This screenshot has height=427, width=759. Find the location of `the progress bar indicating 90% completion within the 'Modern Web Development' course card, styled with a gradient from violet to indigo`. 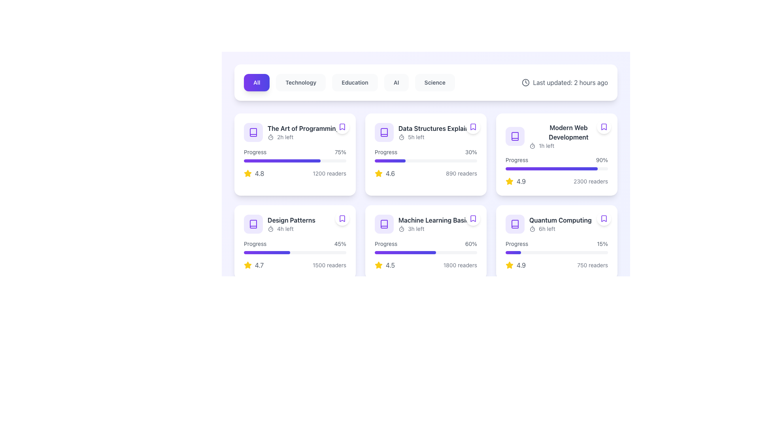

the progress bar indicating 90% completion within the 'Modern Web Development' course card, styled with a gradient from violet to indigo is located at coordinates (556, 168).